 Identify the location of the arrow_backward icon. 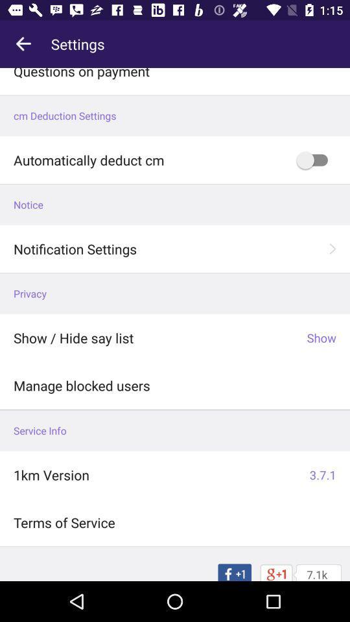
(23, 44).